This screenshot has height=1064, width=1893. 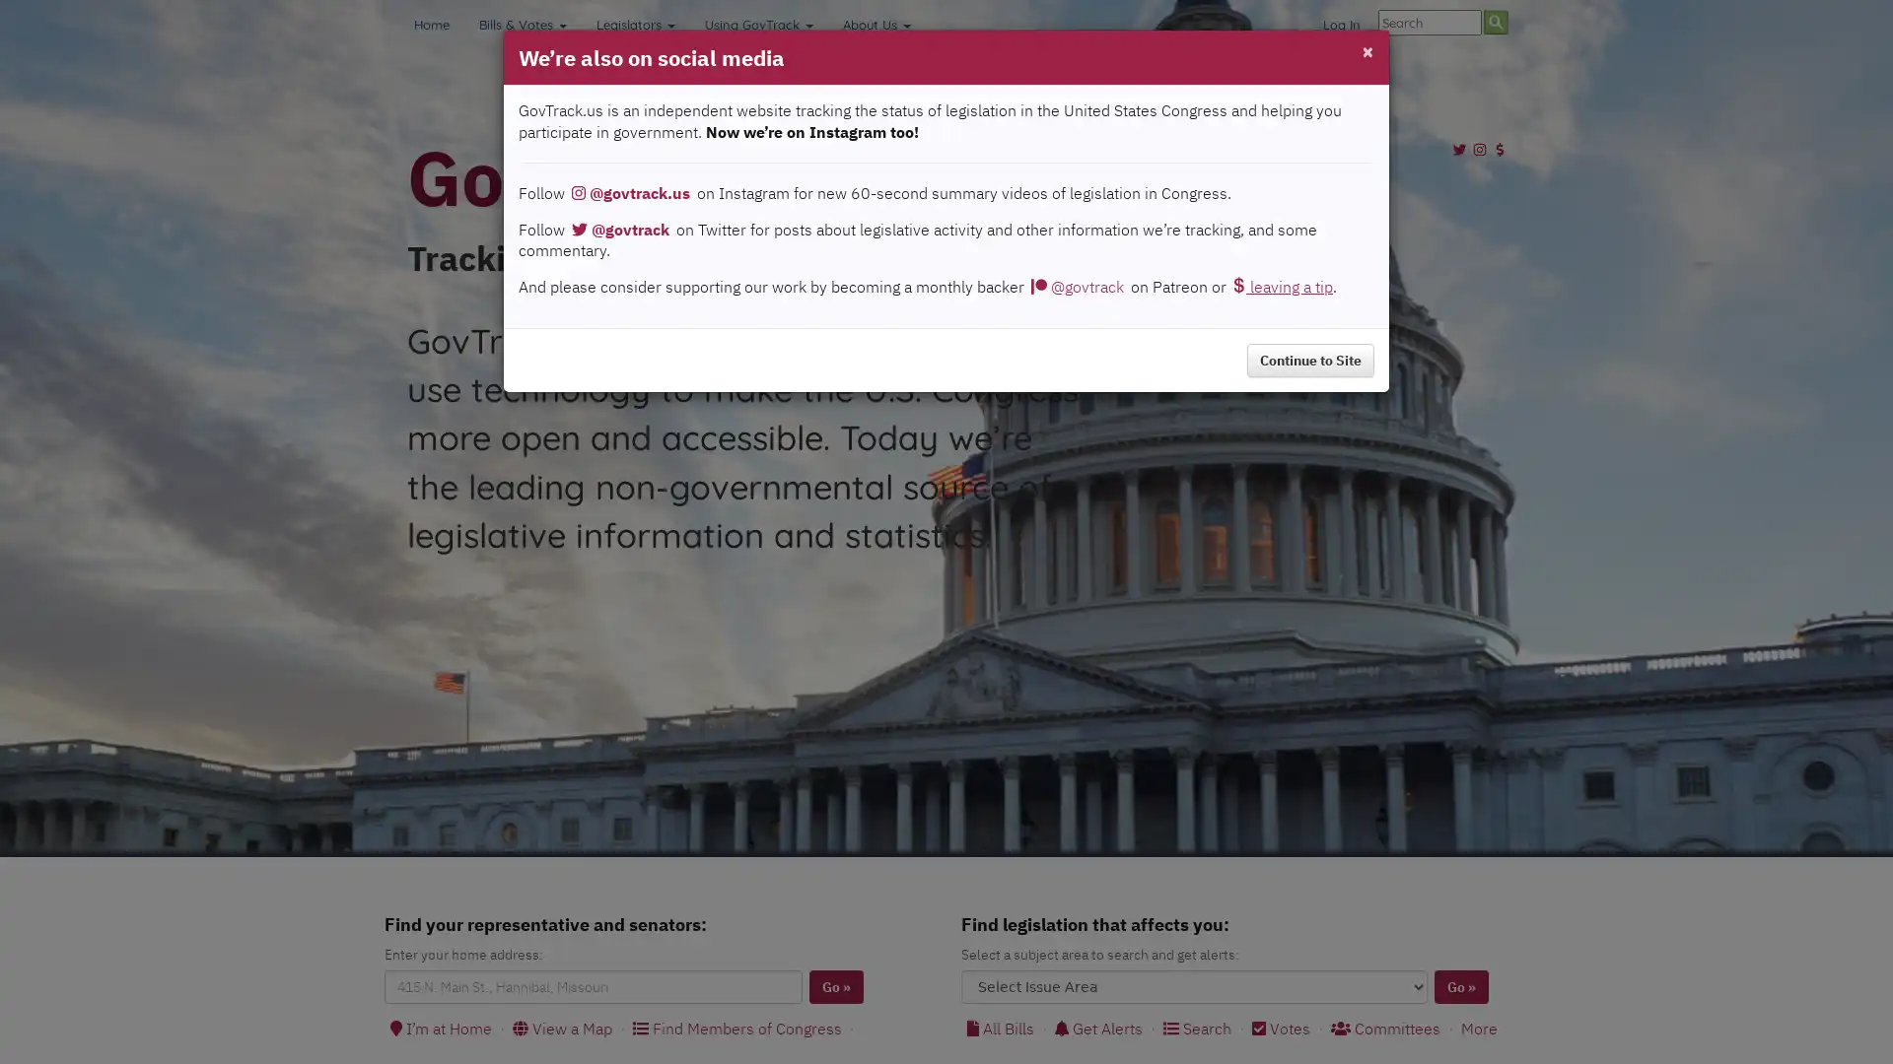 I want to click on Search, so click(x=1496, y=22).